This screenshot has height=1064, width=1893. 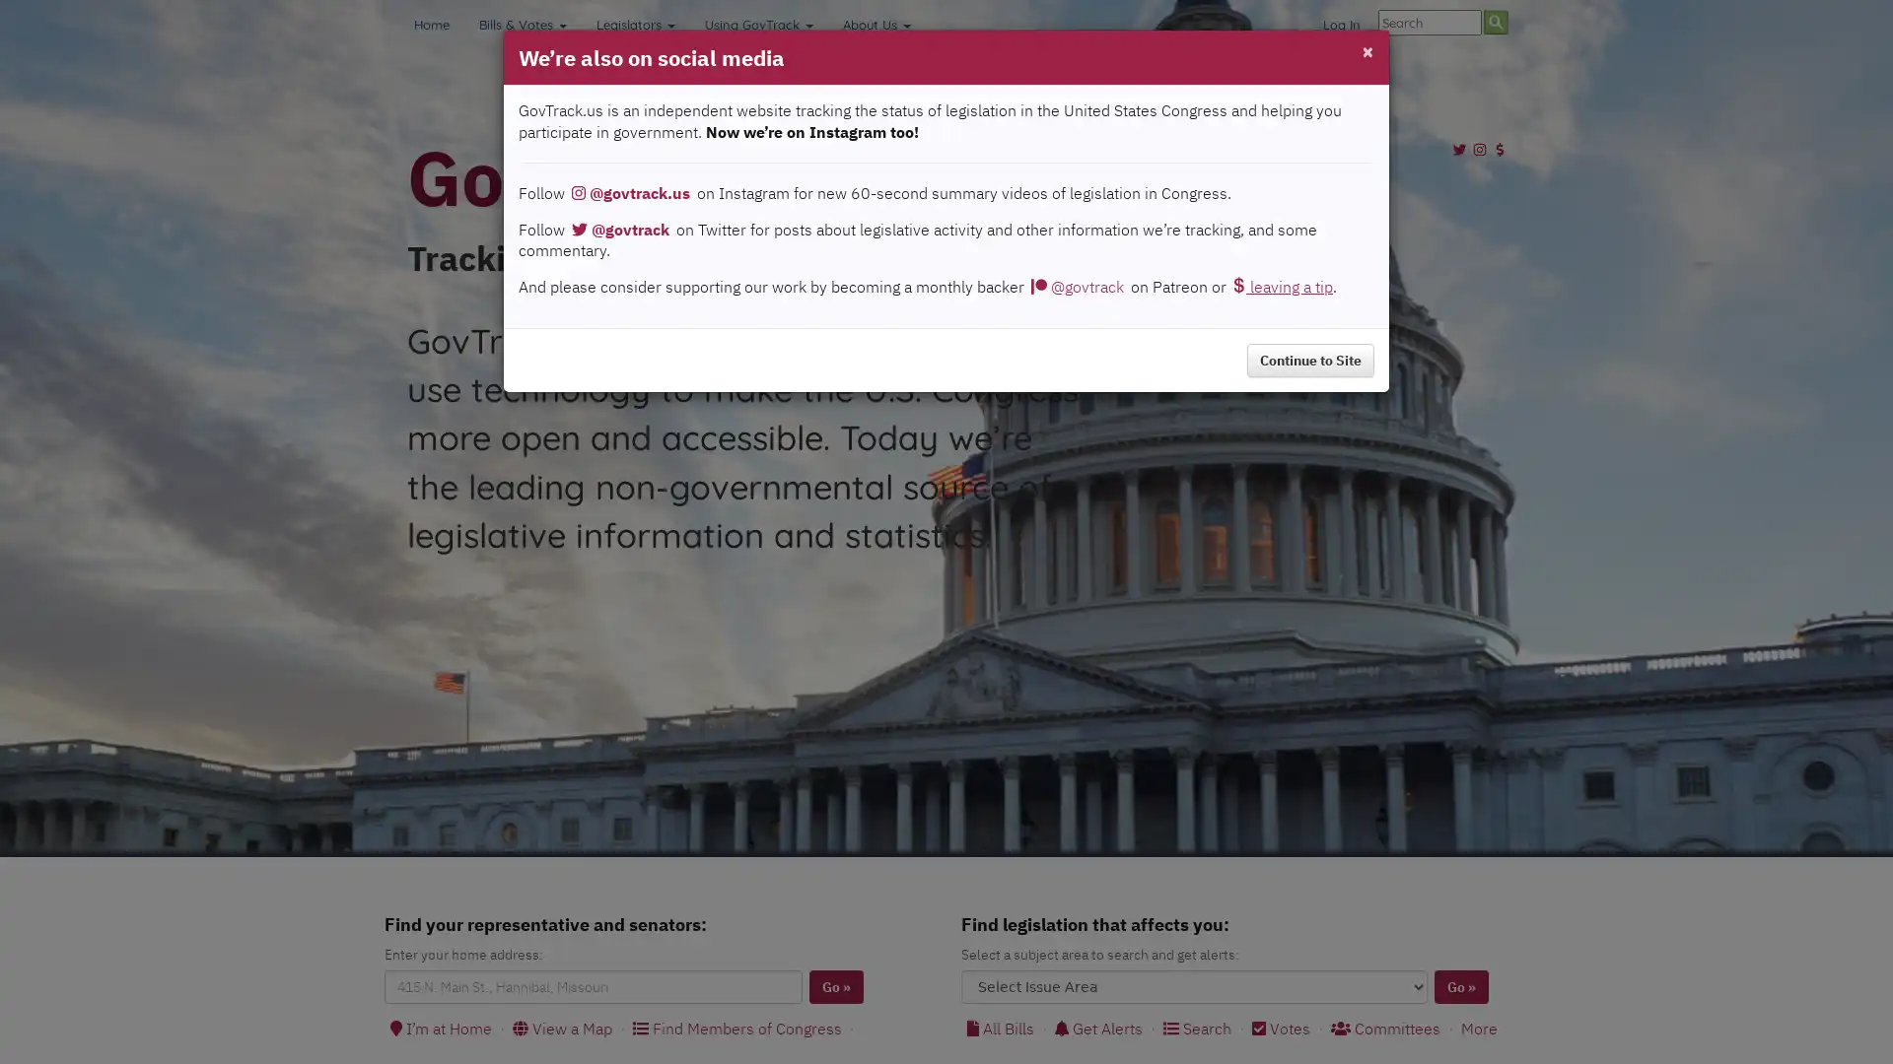 I want to click on Search, so click(x=1496, y=22).